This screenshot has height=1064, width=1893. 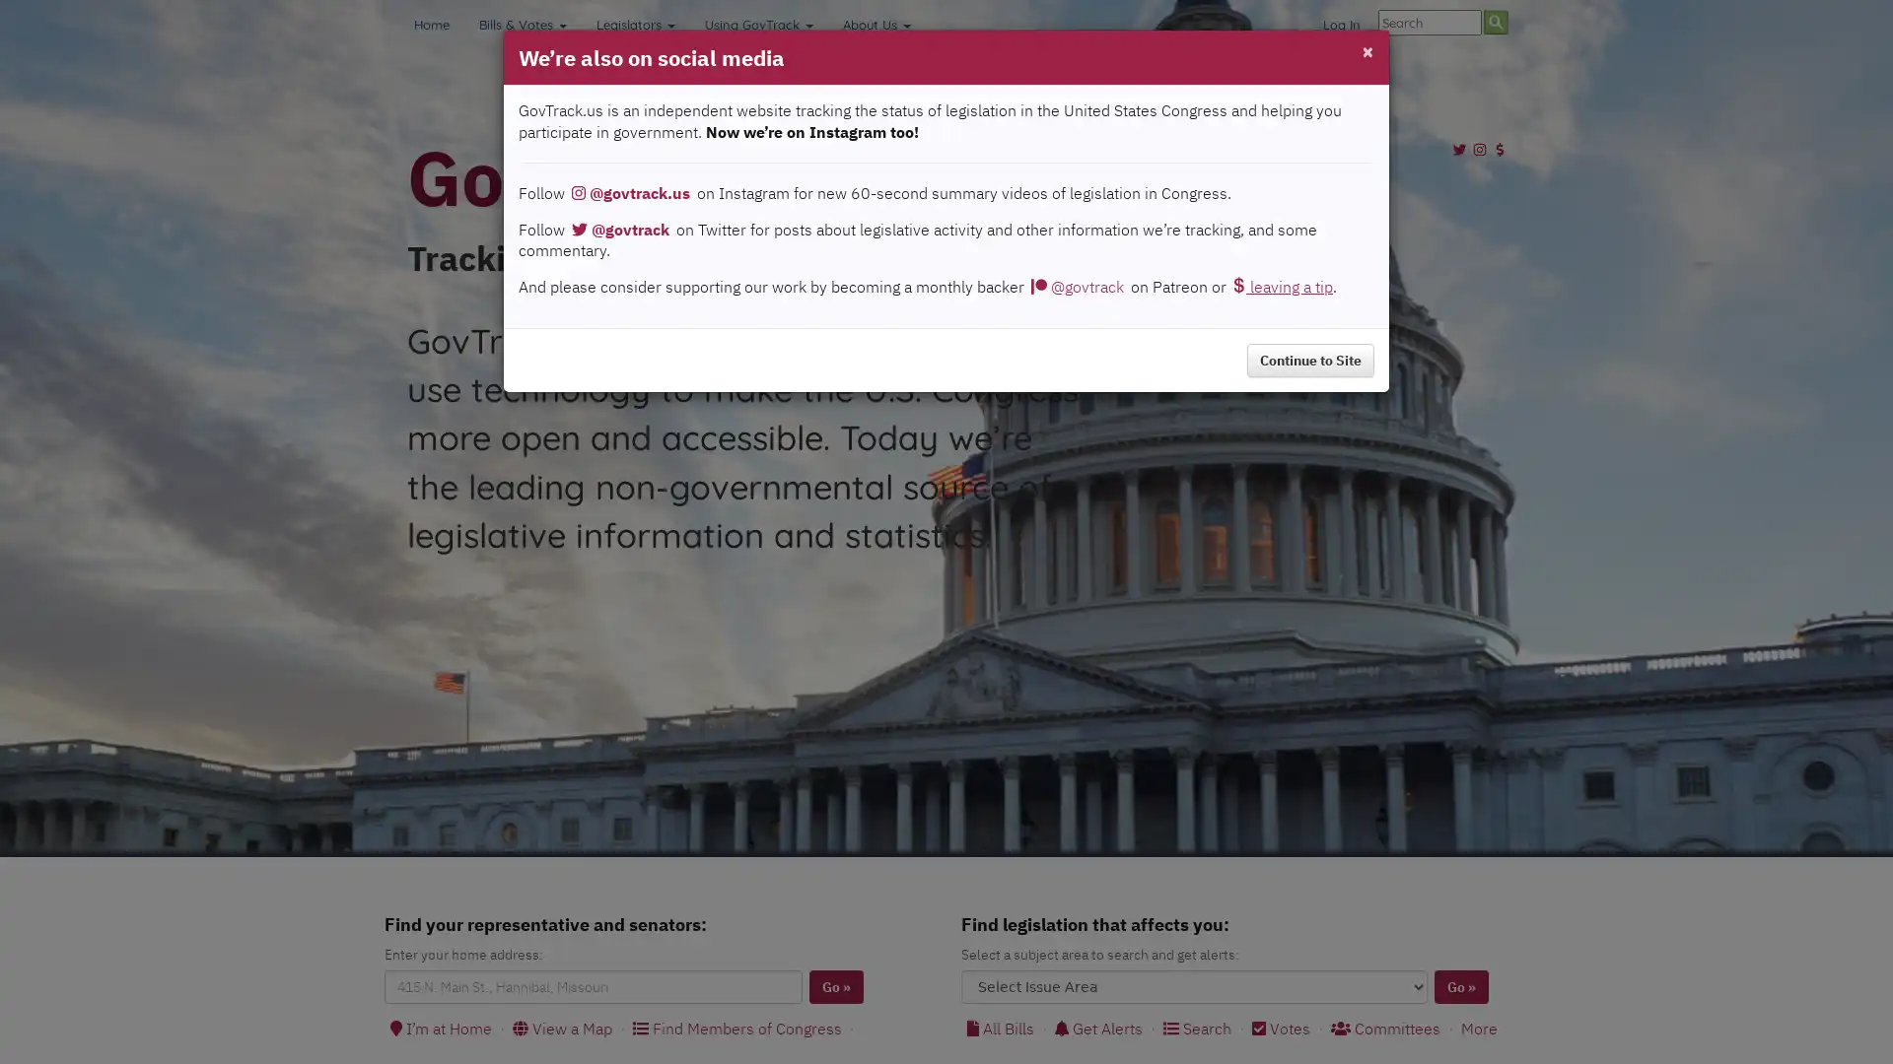 I want to click on Search, so click(x=1496, y=22).